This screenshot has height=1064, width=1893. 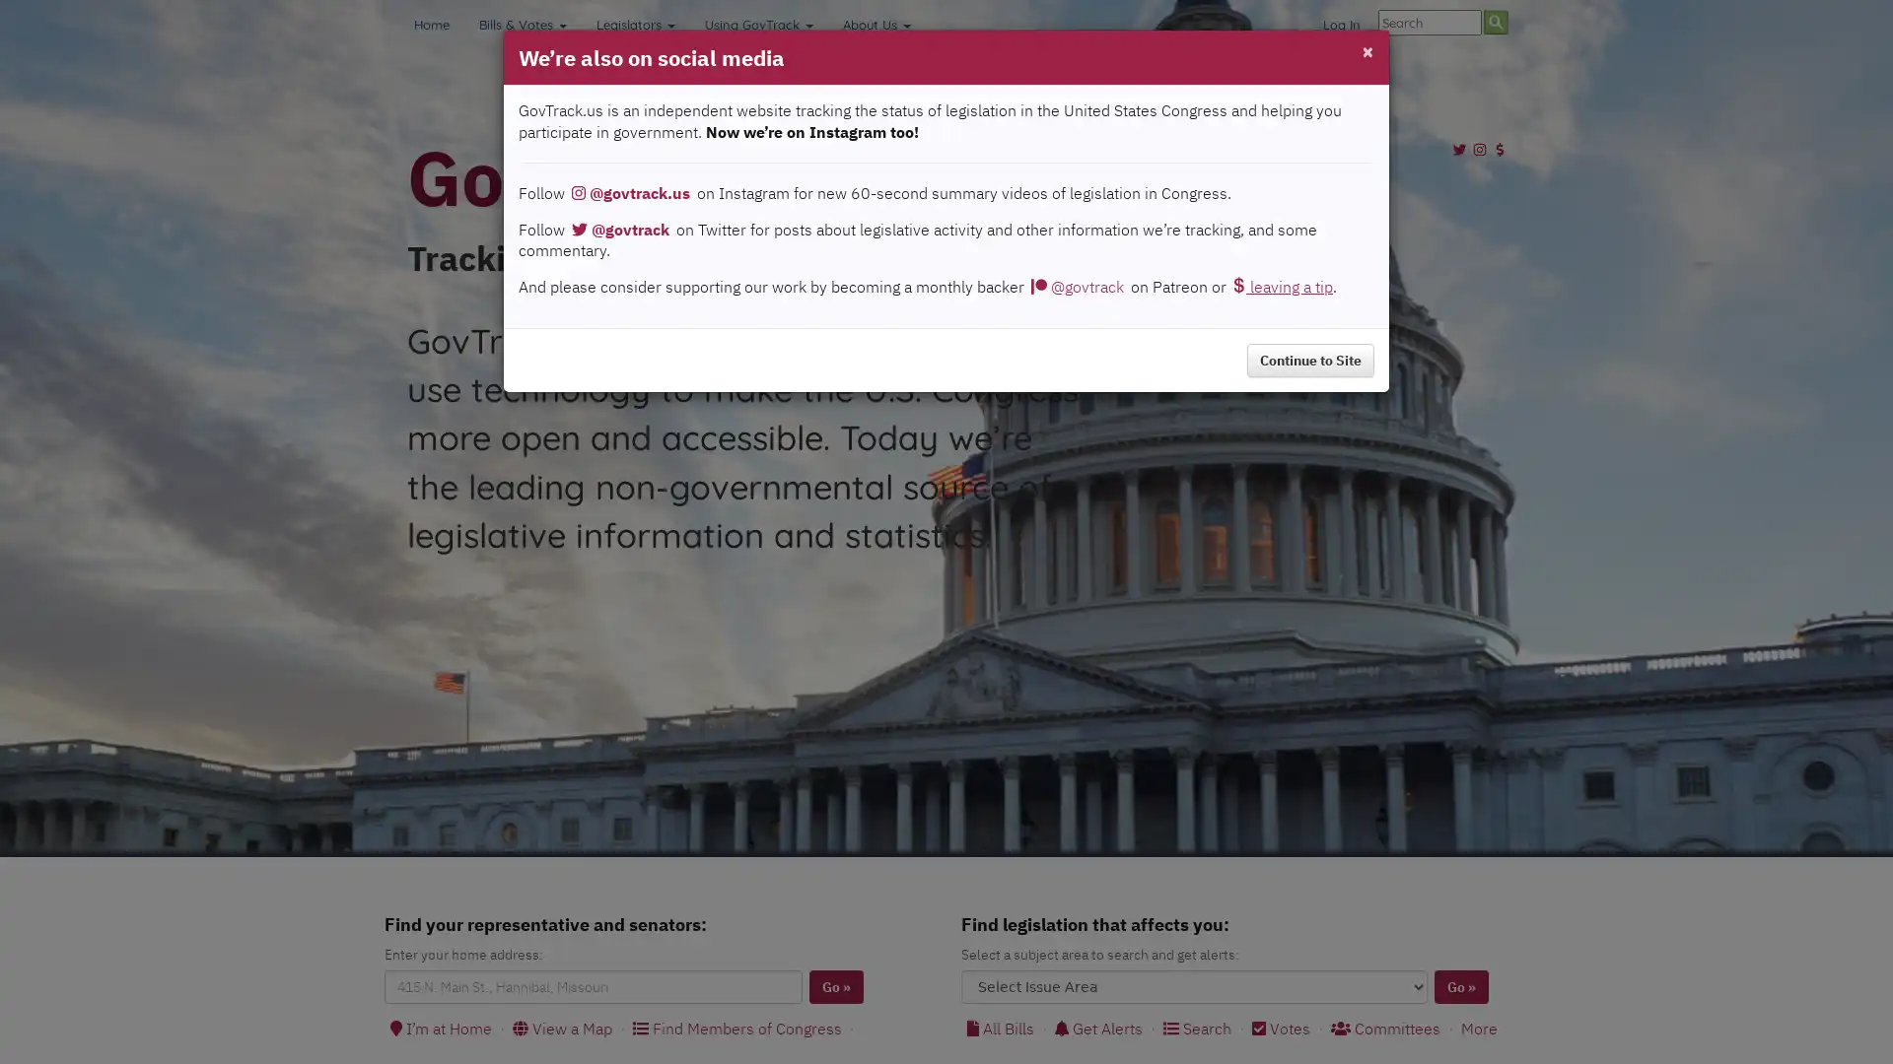 I want to click on Search, so click(x=1496, y=22).